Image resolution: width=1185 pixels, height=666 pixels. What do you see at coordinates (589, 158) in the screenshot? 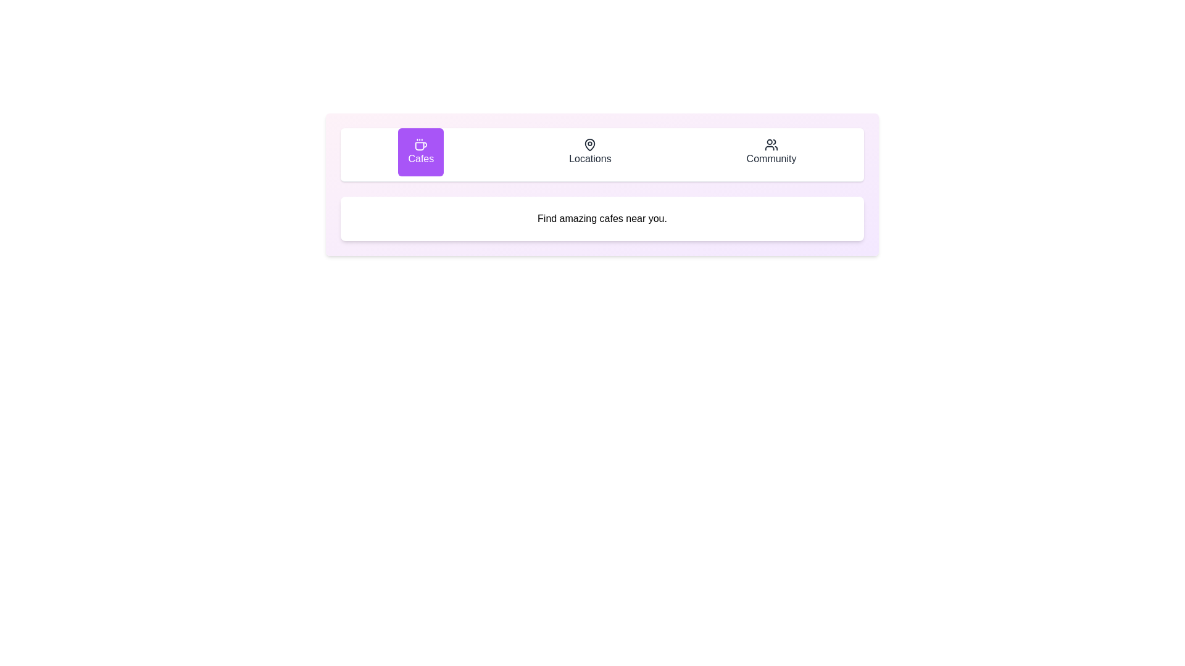
I see `the 'Locations' text label, which is part of a group of three interactive icons and labels in the top section of the view, featuring a dark gray sans-serif font and a location marker icon above it` at bounding box center [589, 158].